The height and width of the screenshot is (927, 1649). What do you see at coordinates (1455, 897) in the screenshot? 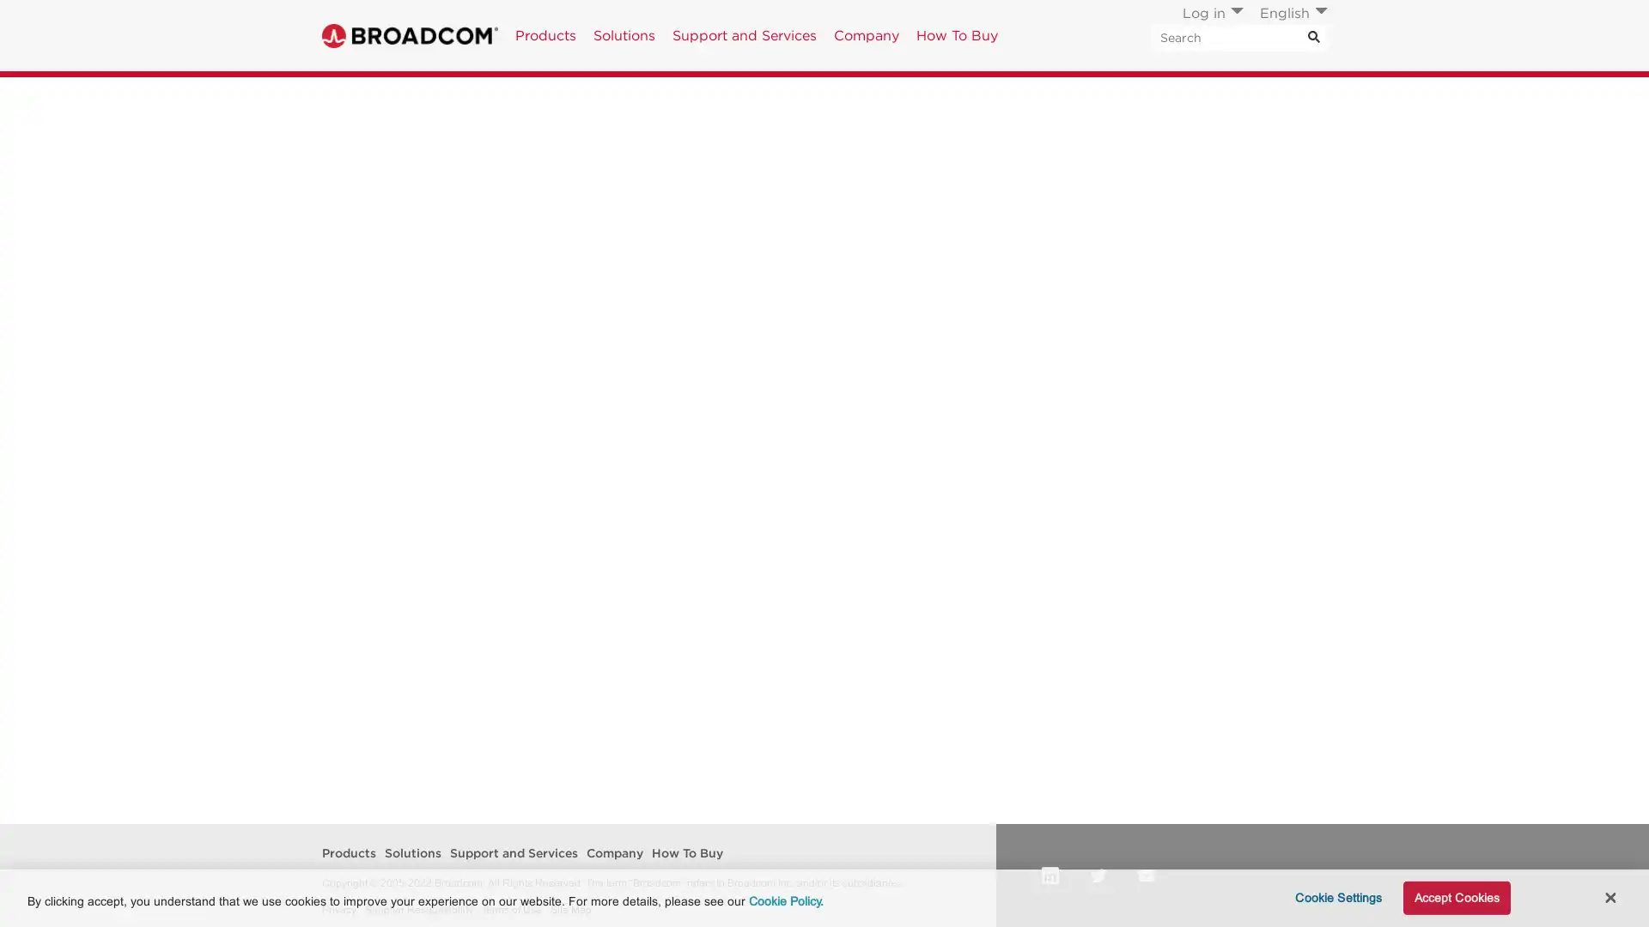
I see `Accept Cookies` at bounding box center [1455, 897].